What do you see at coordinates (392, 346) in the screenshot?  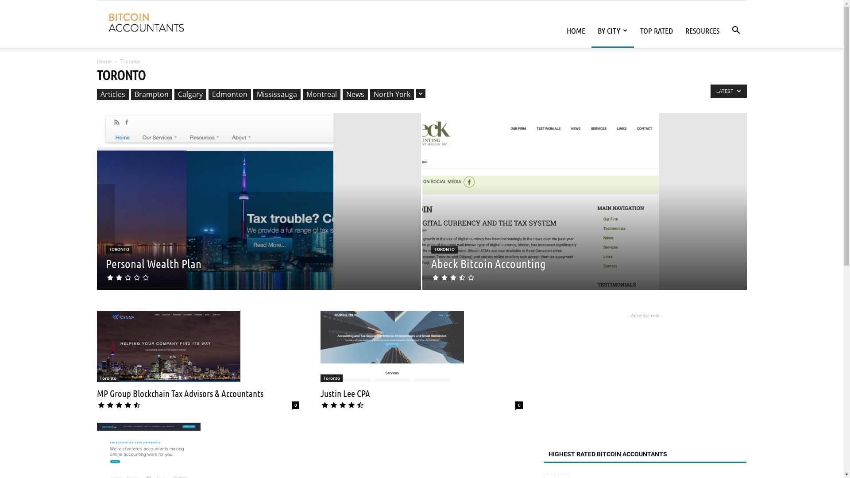 I see `'Justin Lee CPA'` at bounding box center [392, 346].